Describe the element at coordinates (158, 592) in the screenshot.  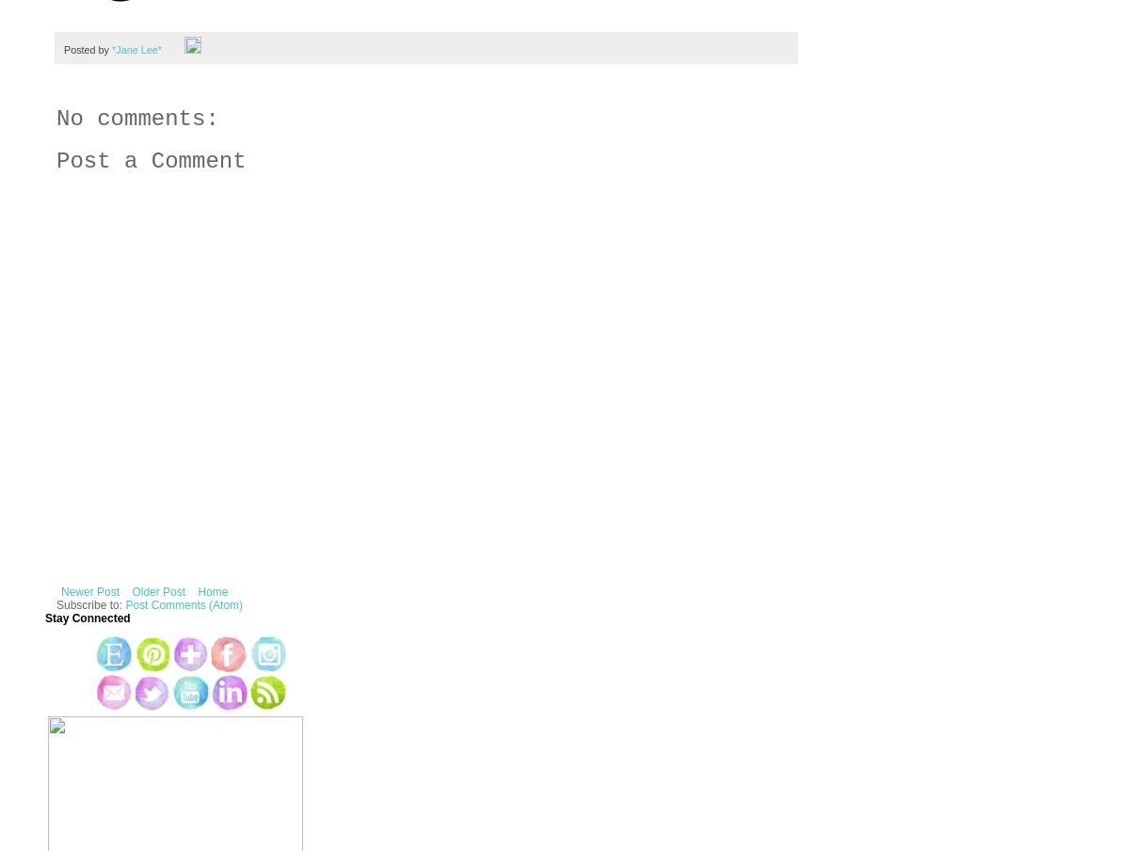
I see `'Older Post'` at that location.